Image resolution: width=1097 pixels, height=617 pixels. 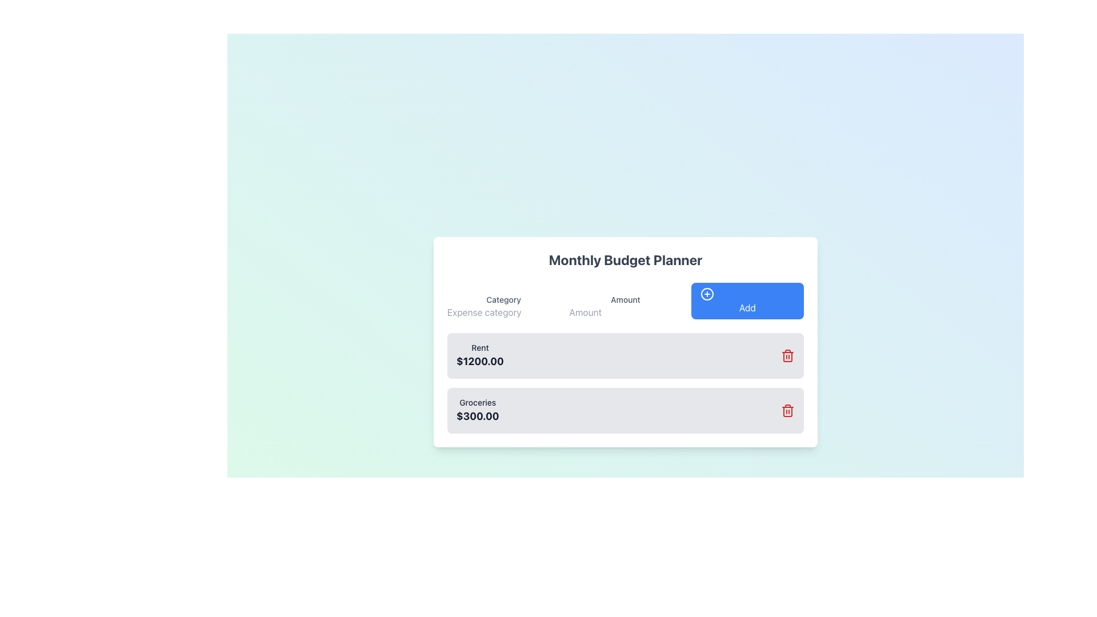 I want to click on the red trash icon located on the right side of the 'Rent $1200.00' entry in the Monthly Budget Planner to possibly see a tooltip, so click(x=787, y=355).